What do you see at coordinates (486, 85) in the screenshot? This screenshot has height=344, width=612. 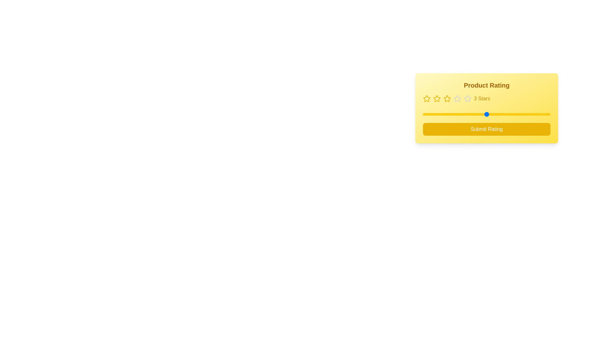 I see `the bold text labeled 'Product Rating', which is styled with a large font size and yellow color, located at the top of a rating card` at bounding box center [486, 85].